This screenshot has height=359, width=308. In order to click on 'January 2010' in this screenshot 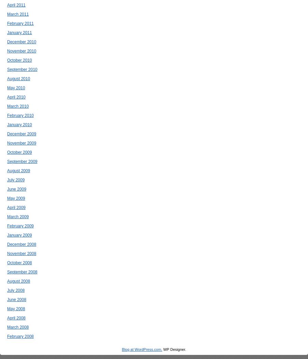, I will do `click(19, 124)`.